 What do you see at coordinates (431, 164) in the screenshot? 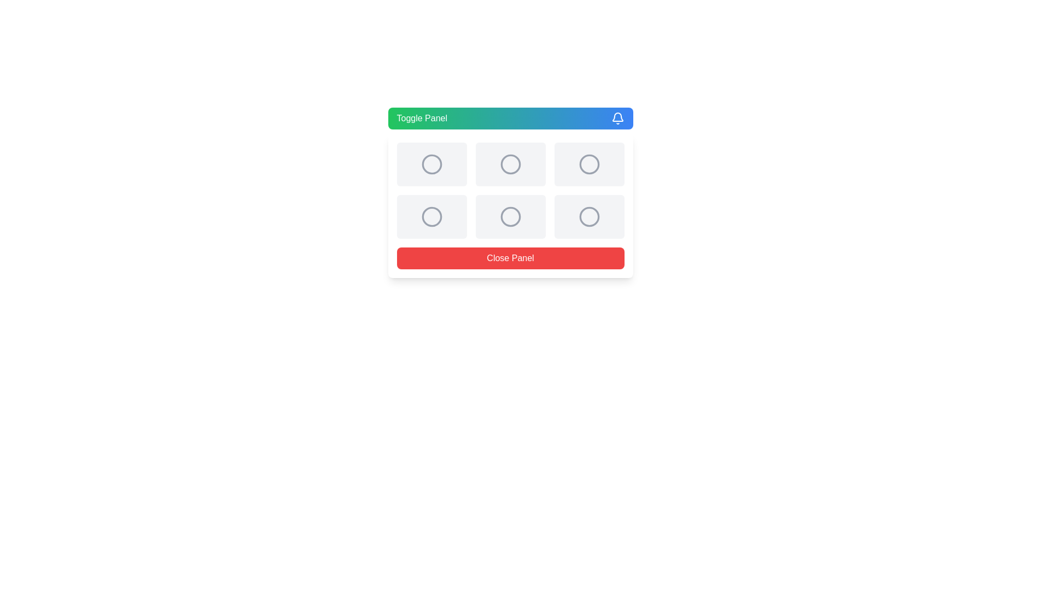
I see `the Circle icon located in the top-left corner of the 3x2 grid within the panel` at bounding box center [431, 164].